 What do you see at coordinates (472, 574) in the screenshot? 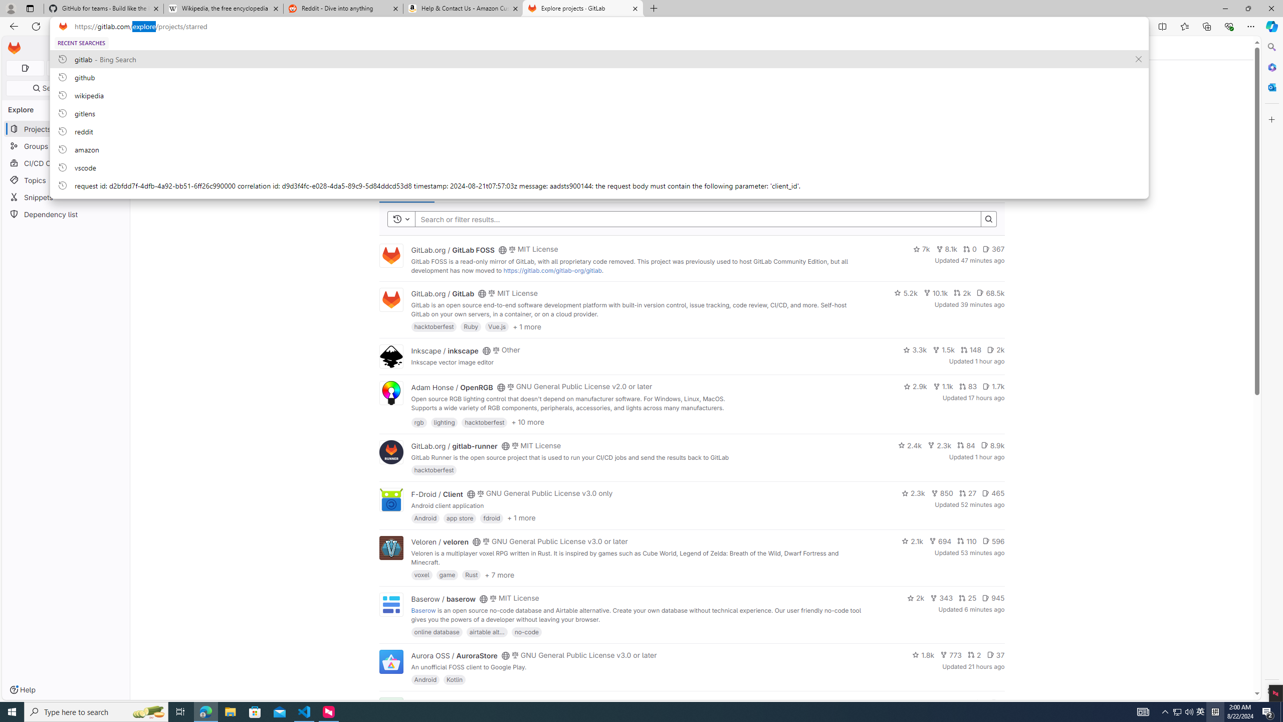
I see `'Rust'` at bounding box center [472, 574].